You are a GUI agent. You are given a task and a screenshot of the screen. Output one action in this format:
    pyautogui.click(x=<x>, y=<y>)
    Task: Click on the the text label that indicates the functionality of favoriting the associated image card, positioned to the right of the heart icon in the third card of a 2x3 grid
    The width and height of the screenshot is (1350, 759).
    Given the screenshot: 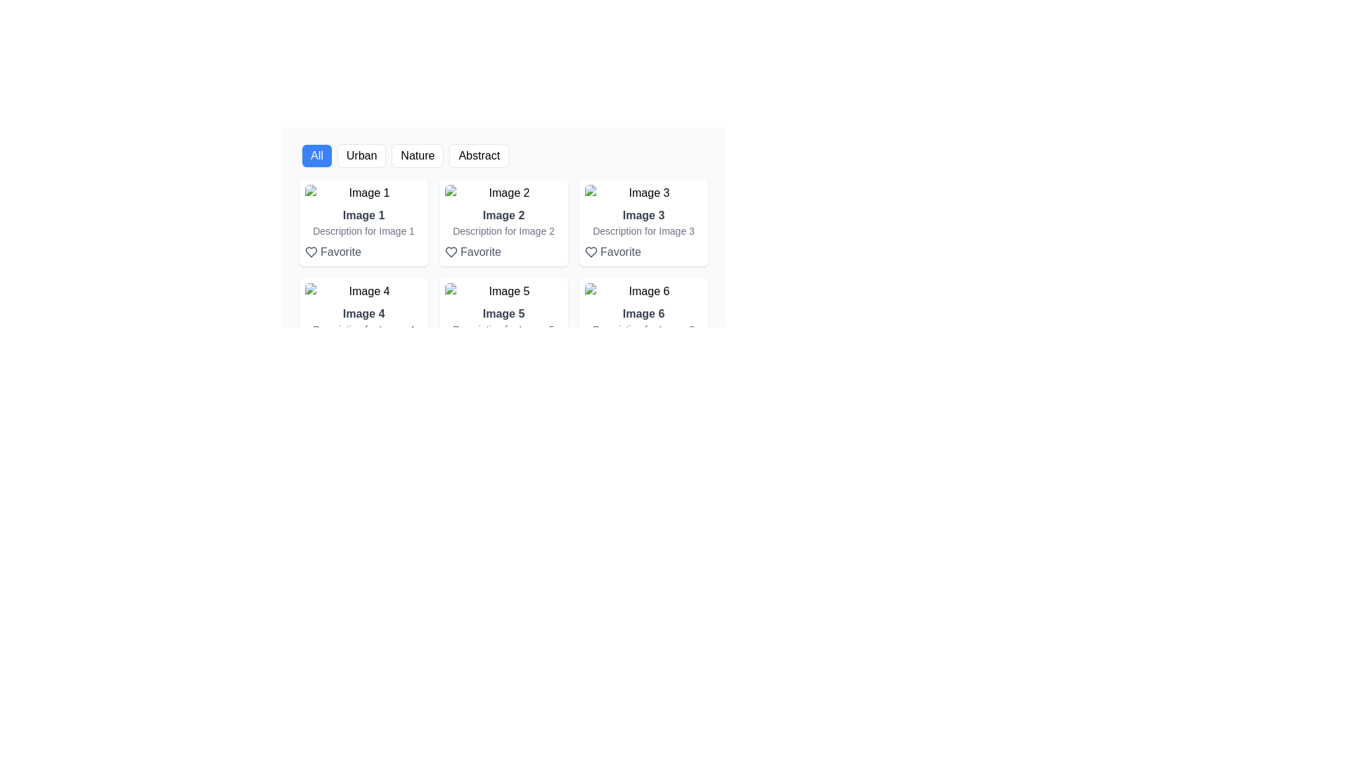 What is the action you would take?
    pyautogui.click(x=619, y=251)
    